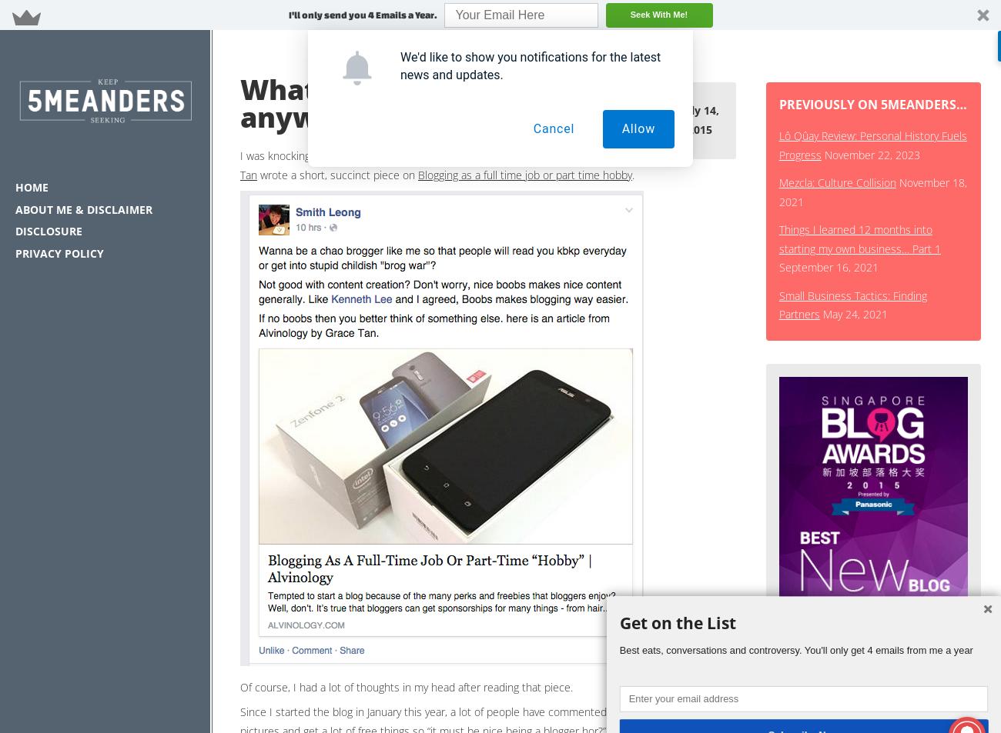 This screenshot has width=1001, height=733. I want to click on 'May 24, 2021', so click(853, 313).